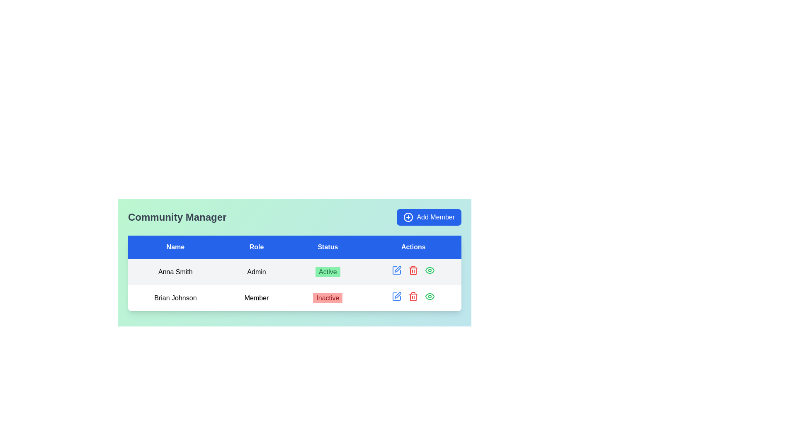  What do you see at coordinates (327, 297) in the screenshot?
I see `the 'Inactive' status badge for user 'Brian Johnson' in the second row of the table under the 'Community Manager' header, which has a red background and red text` at bounding box center [327, 297].